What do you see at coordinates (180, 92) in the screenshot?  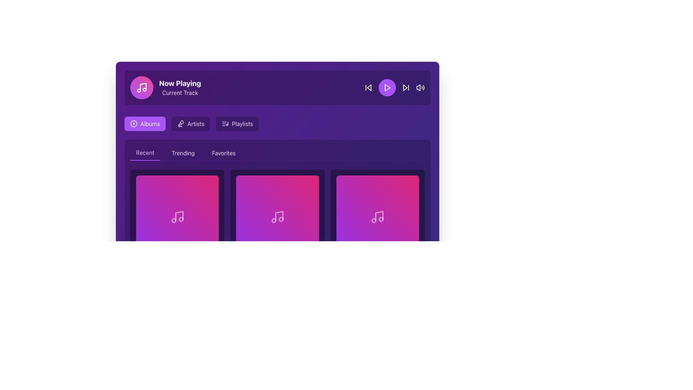 I see `the 'Current Track' label, which is displayed in soft purple color and positioned below the 'Now Playing' heading in the 'Now Playing' section` at bounding box center [180, 92].